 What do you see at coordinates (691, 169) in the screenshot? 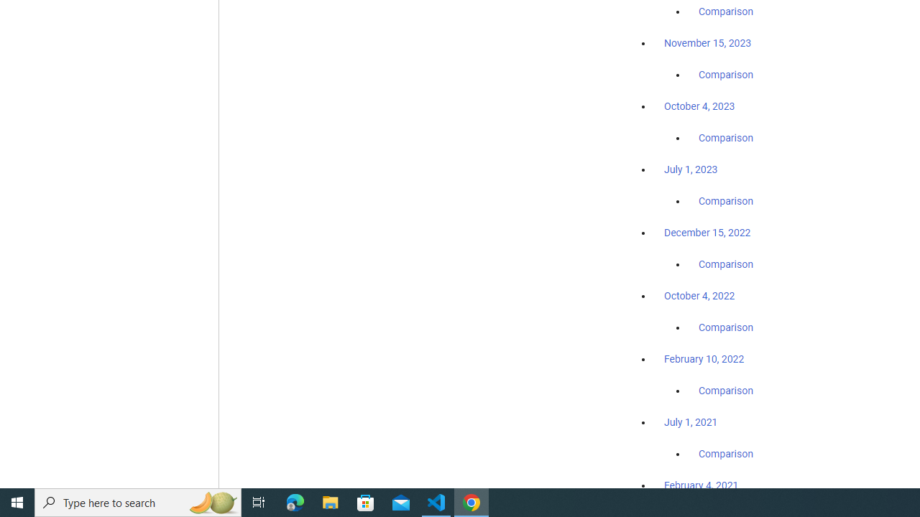
I see `'July 1, 2023'` at bounding box center [691, 169].